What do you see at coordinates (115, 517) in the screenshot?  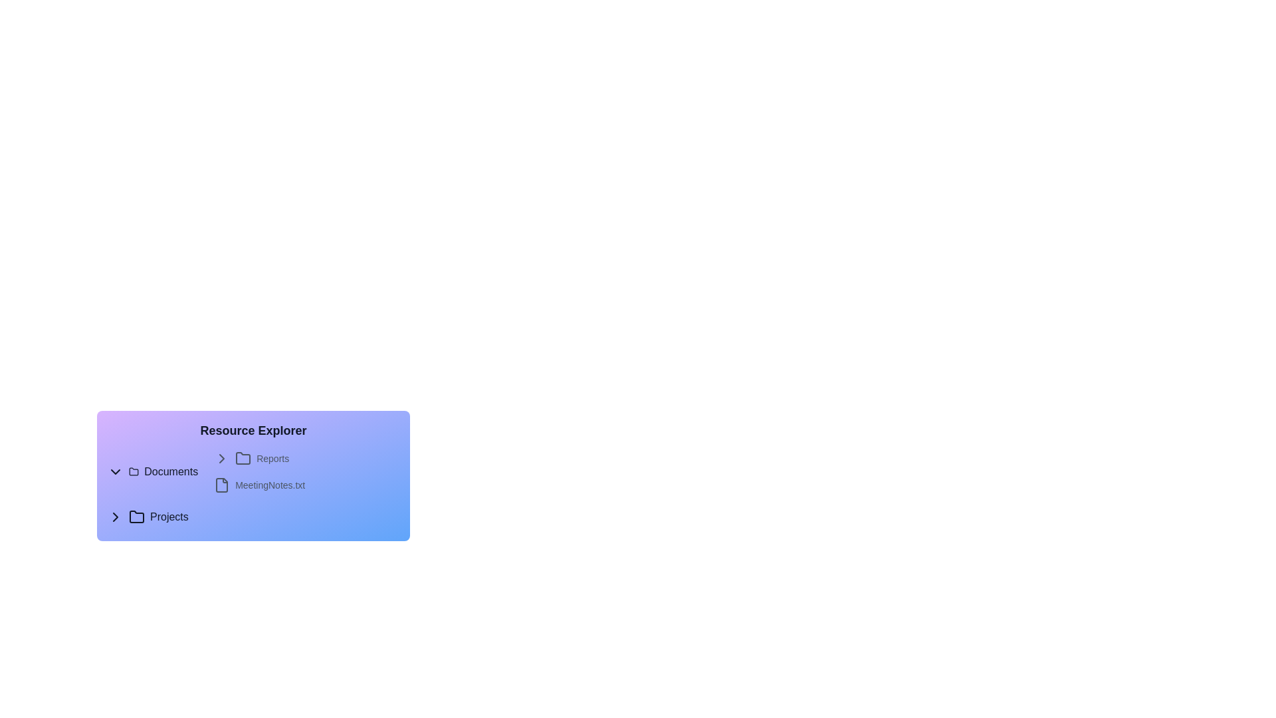 I see `the 'expand/collapse' button for the 'Projects' section` at bounding box center [115, 517].